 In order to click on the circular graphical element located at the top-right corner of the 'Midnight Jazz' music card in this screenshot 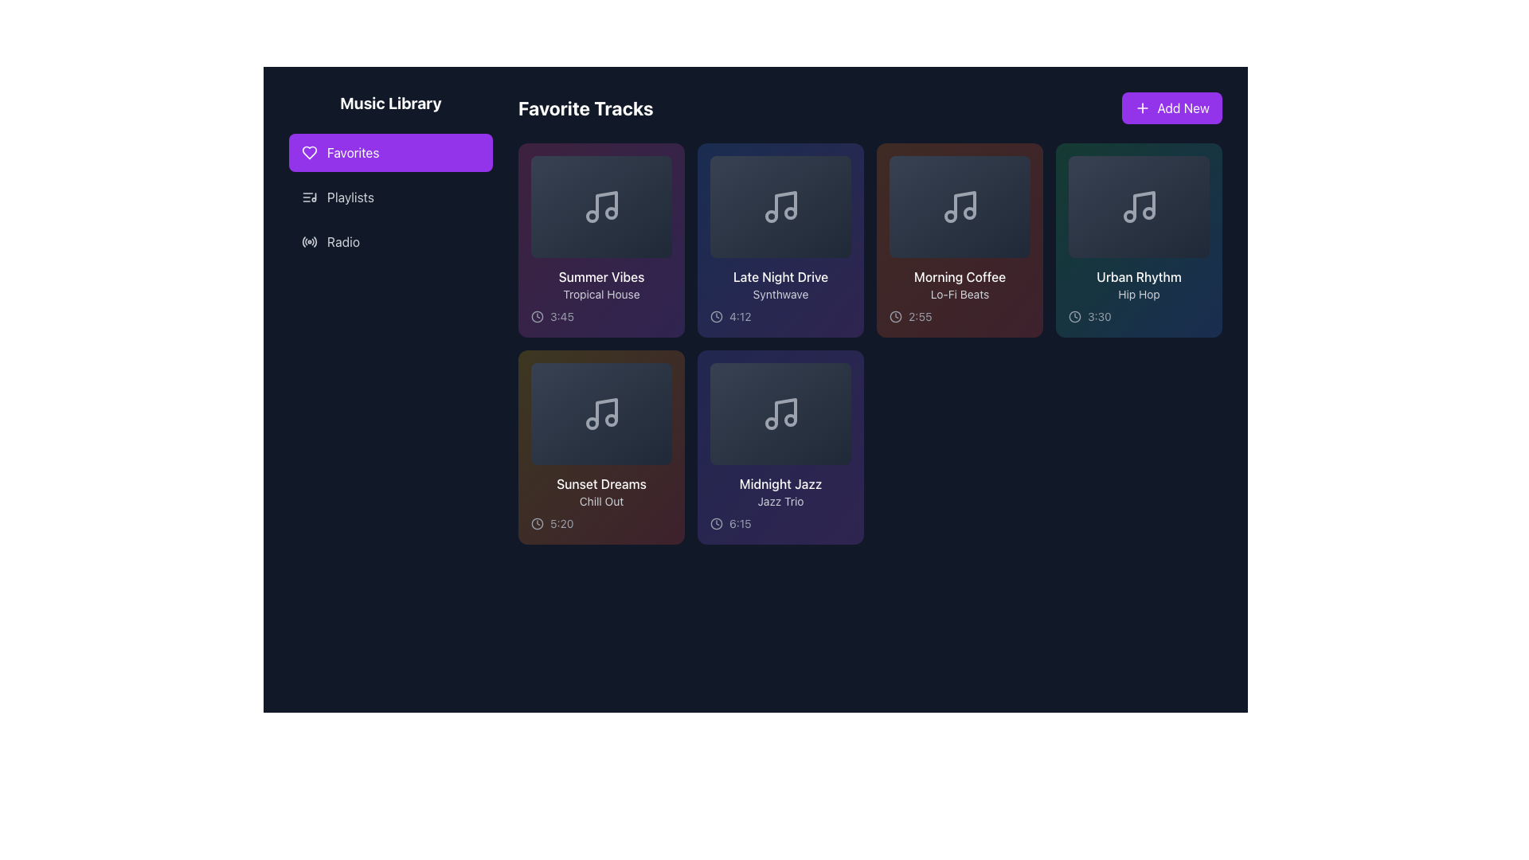, I will do `click(840, 372)`.